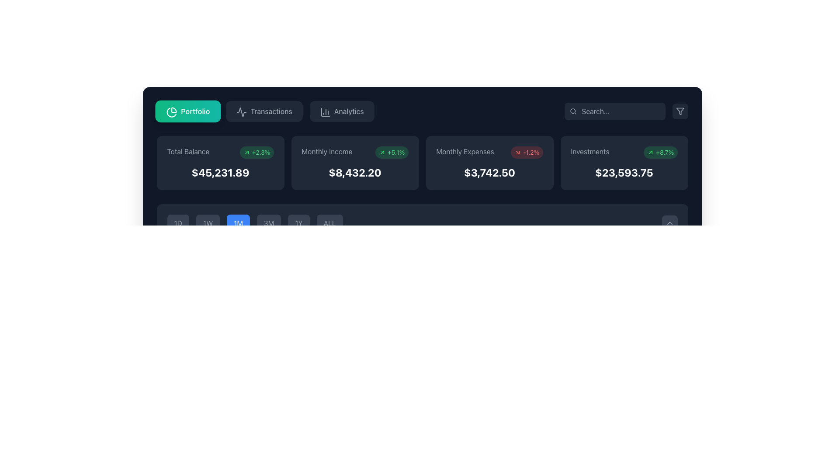  Describe the element at coordinates (526, 152) in the screenshot. I see `percentage change badge located at the top-right of the '$3,742.50' amount in the 'Monthly Expenses' area of the dashboard for contextual understanding` at that location.